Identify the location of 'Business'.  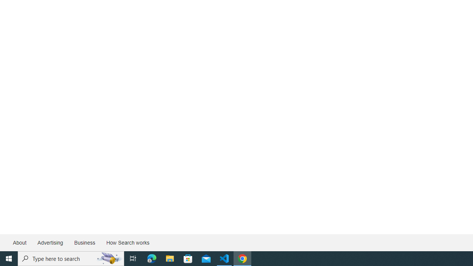
(85, 243).